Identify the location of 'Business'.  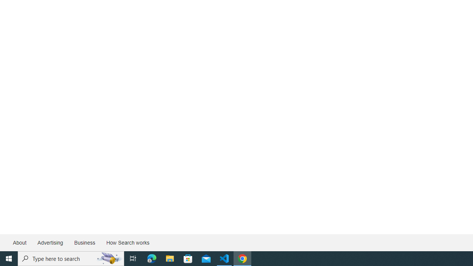
(85, 243).